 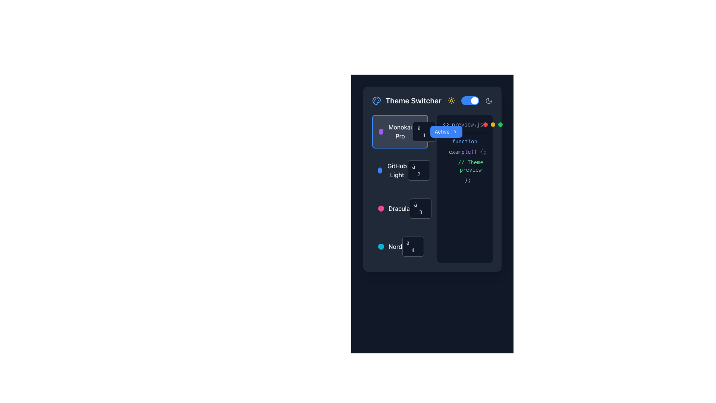 What do you see at coordinates (399, 246) in the screenshot?
I see `the selectable list item containing the text 'Nord'` at bounding box center [399, 246].